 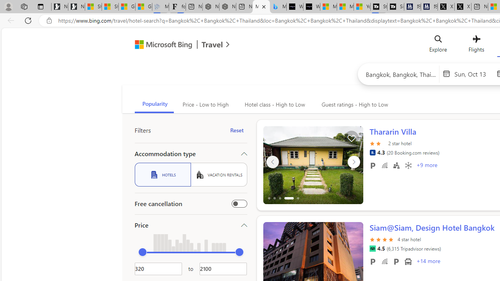 What do you see at coordinates (311, 7) in the screenshot?
I see `'What'` at bounding box center [311, 7].